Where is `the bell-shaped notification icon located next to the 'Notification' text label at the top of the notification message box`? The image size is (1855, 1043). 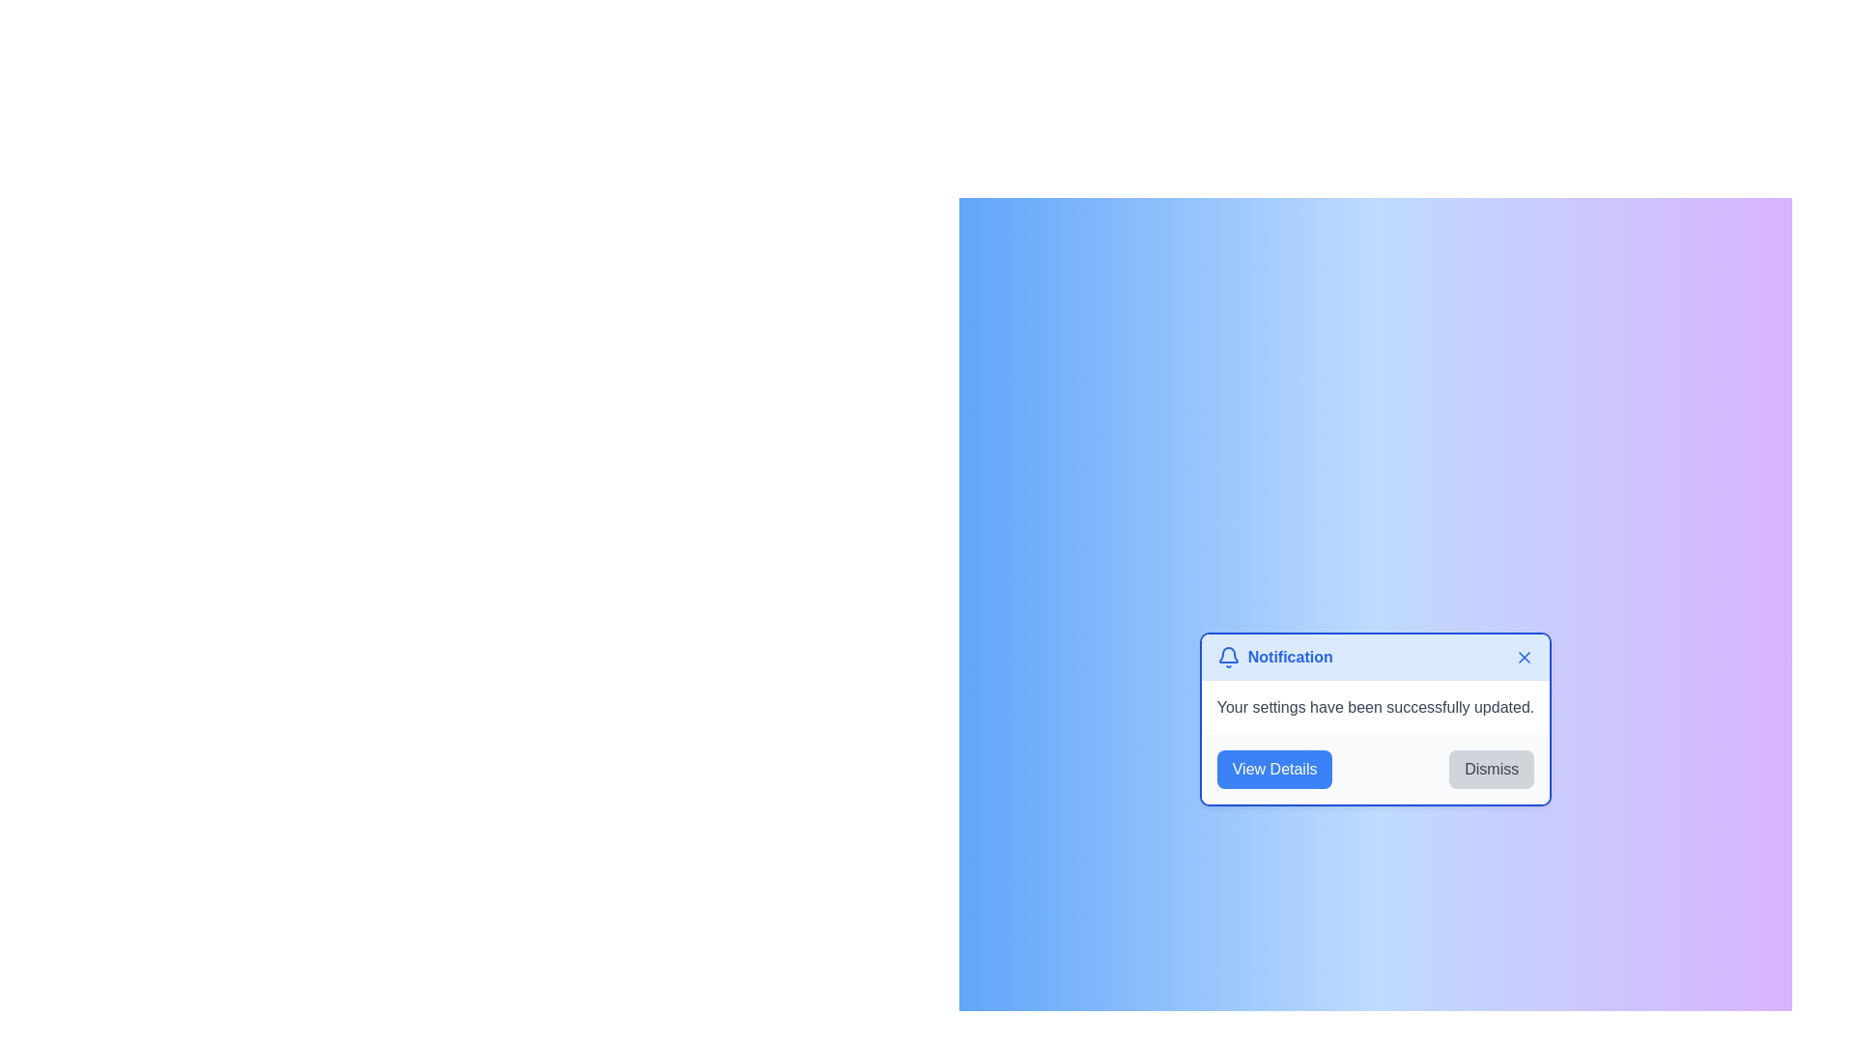 the bell-shaped notification icon located next to the 'Notification' text label at the top of the notification message box is located at coordinates (1227, 657).